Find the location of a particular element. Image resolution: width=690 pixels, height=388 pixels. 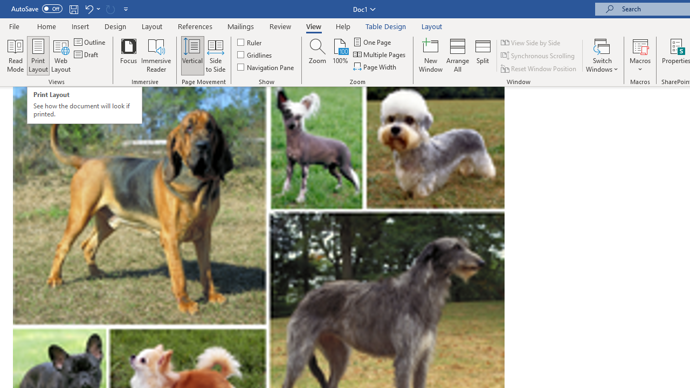

'Gridlines' is located at coordinates (254, 54).